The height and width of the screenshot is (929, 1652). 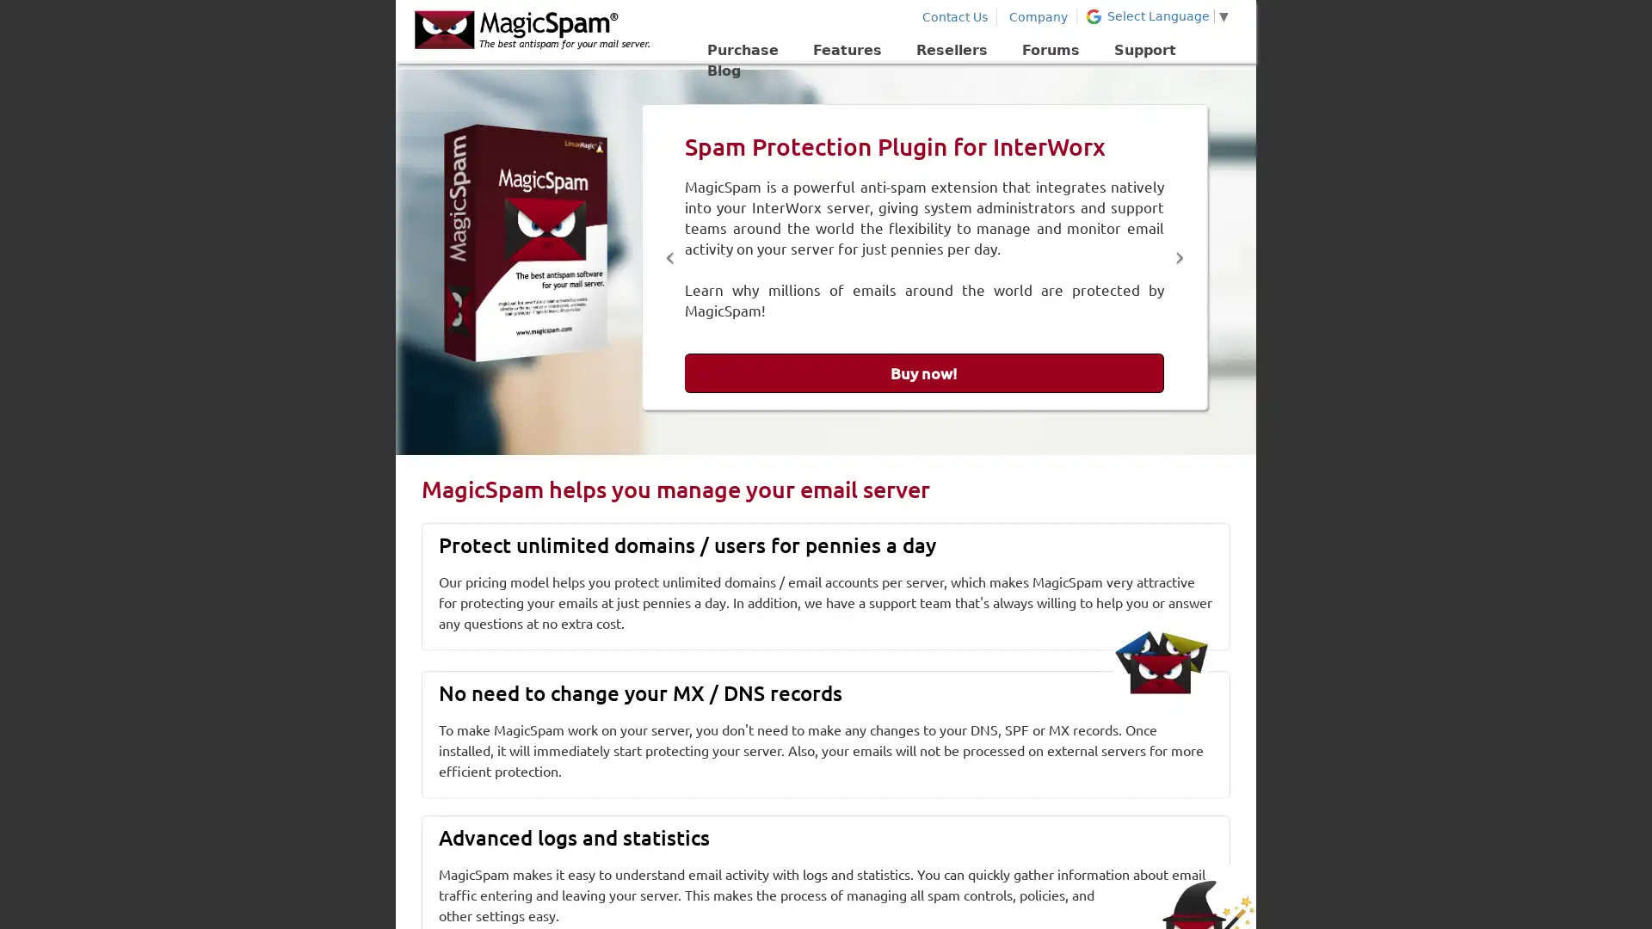 I want to click on Buy now!, so click(x=923, y=372).